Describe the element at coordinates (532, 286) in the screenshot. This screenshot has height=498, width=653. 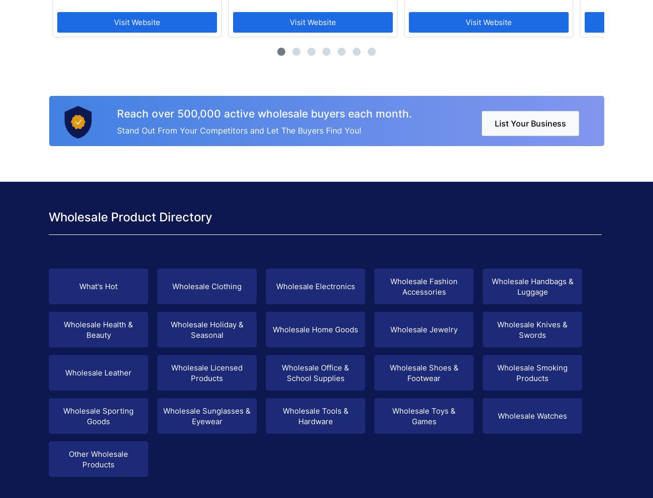
I see `'Wholesale Handbags & Luggage'` at that location.